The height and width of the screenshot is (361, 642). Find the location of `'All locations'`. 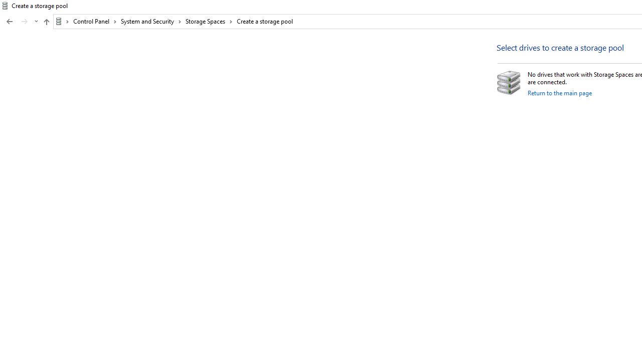

'All locations' is located at coordinates (62, 21).